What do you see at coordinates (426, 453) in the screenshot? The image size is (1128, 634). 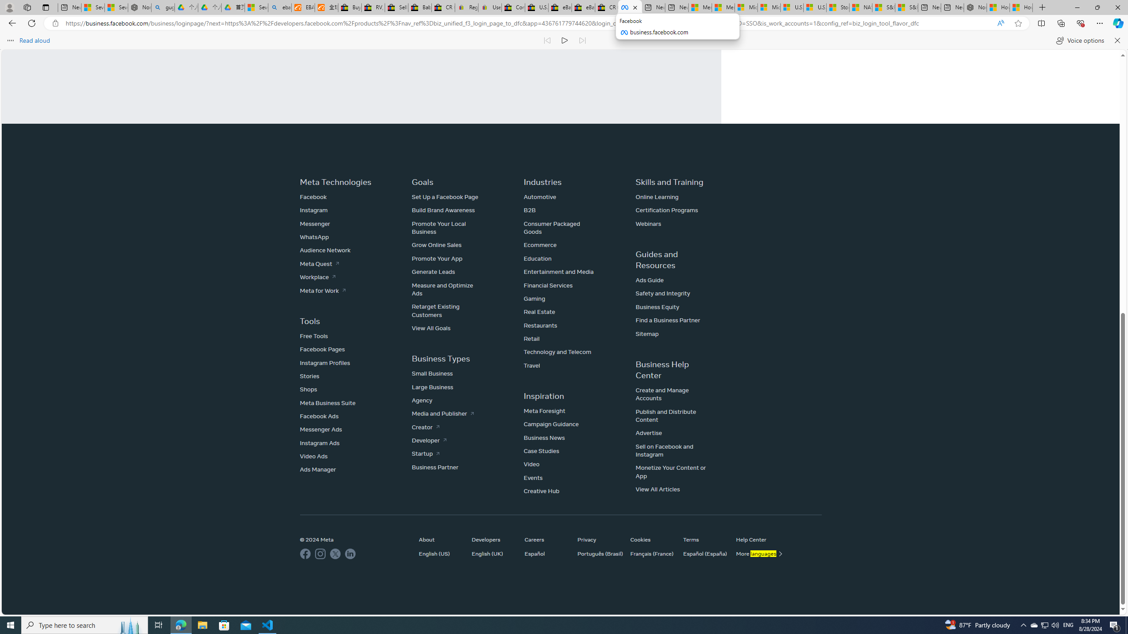 I see `'Startup'` at bounding box center [426, 453].